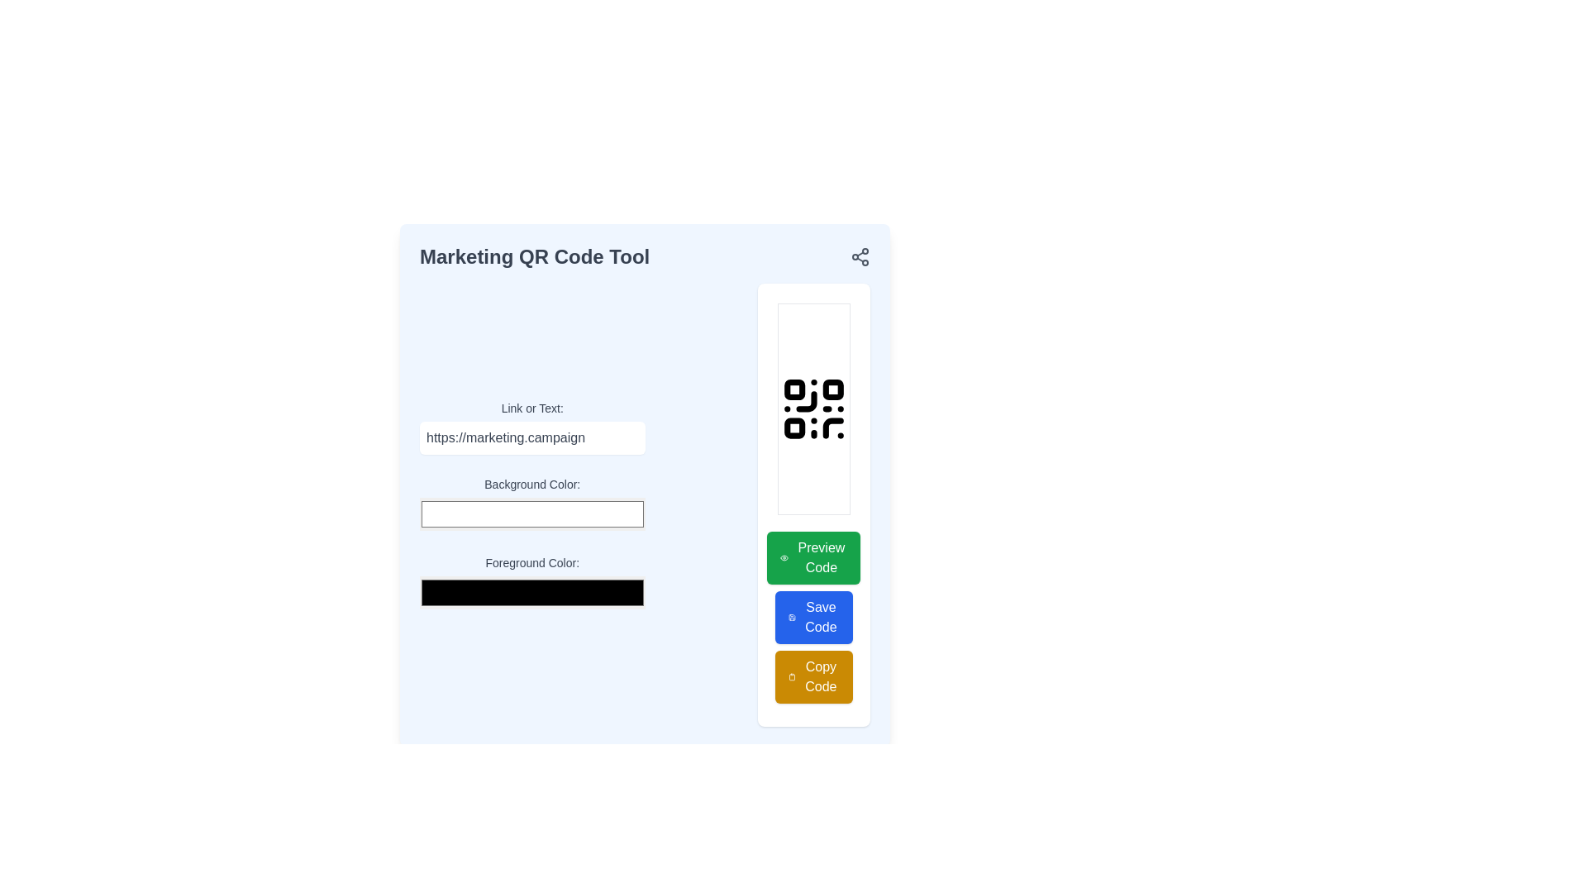 This screenshot has width=1587, height=893. What do you see at coordinates (813, 408) in the screenshot?
I see `the QR code located centrally within a bordered white box on the right side of the main interface` at bounding box center [813, 408].